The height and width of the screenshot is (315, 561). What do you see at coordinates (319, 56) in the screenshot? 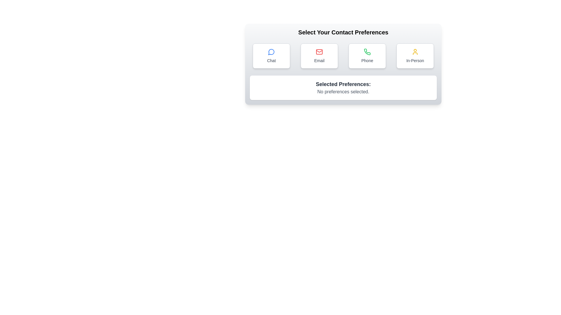
I see `the Email button to select the corresponding contact preference` at bounding box center [319, 56].